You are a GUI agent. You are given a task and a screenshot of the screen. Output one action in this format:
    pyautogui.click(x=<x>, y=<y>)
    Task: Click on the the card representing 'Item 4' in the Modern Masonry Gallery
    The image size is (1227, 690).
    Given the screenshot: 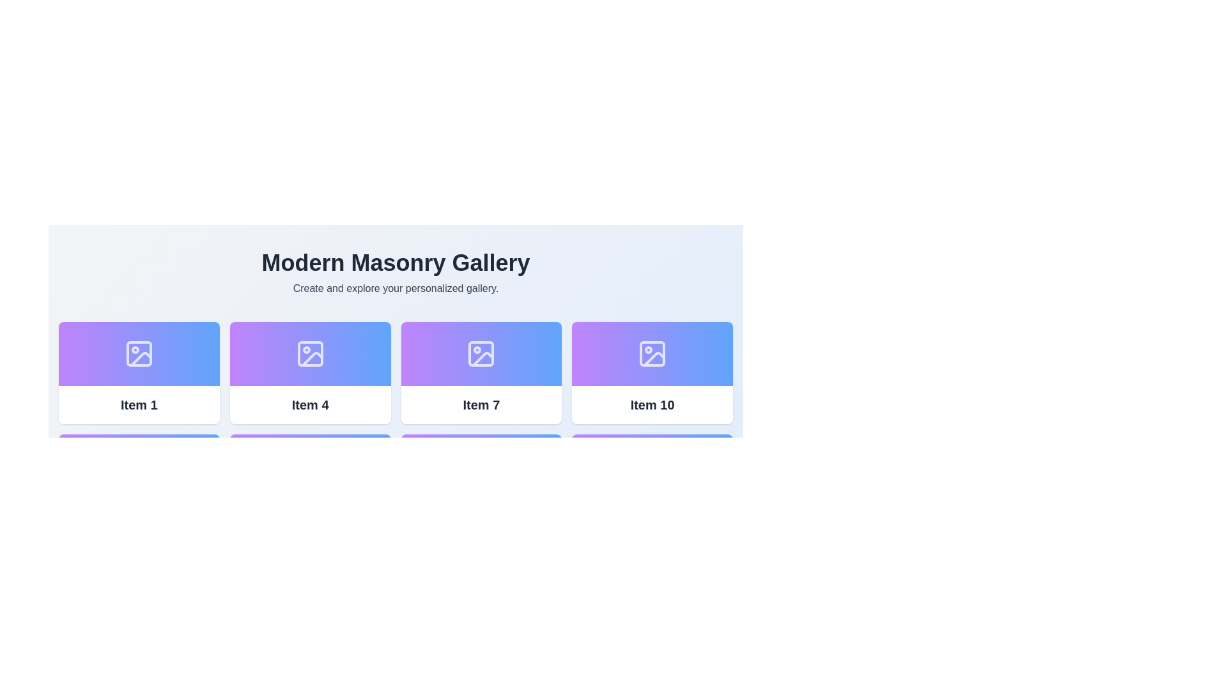 What is the action you would take?
    pyautogui.click(x=310, y=372)
    